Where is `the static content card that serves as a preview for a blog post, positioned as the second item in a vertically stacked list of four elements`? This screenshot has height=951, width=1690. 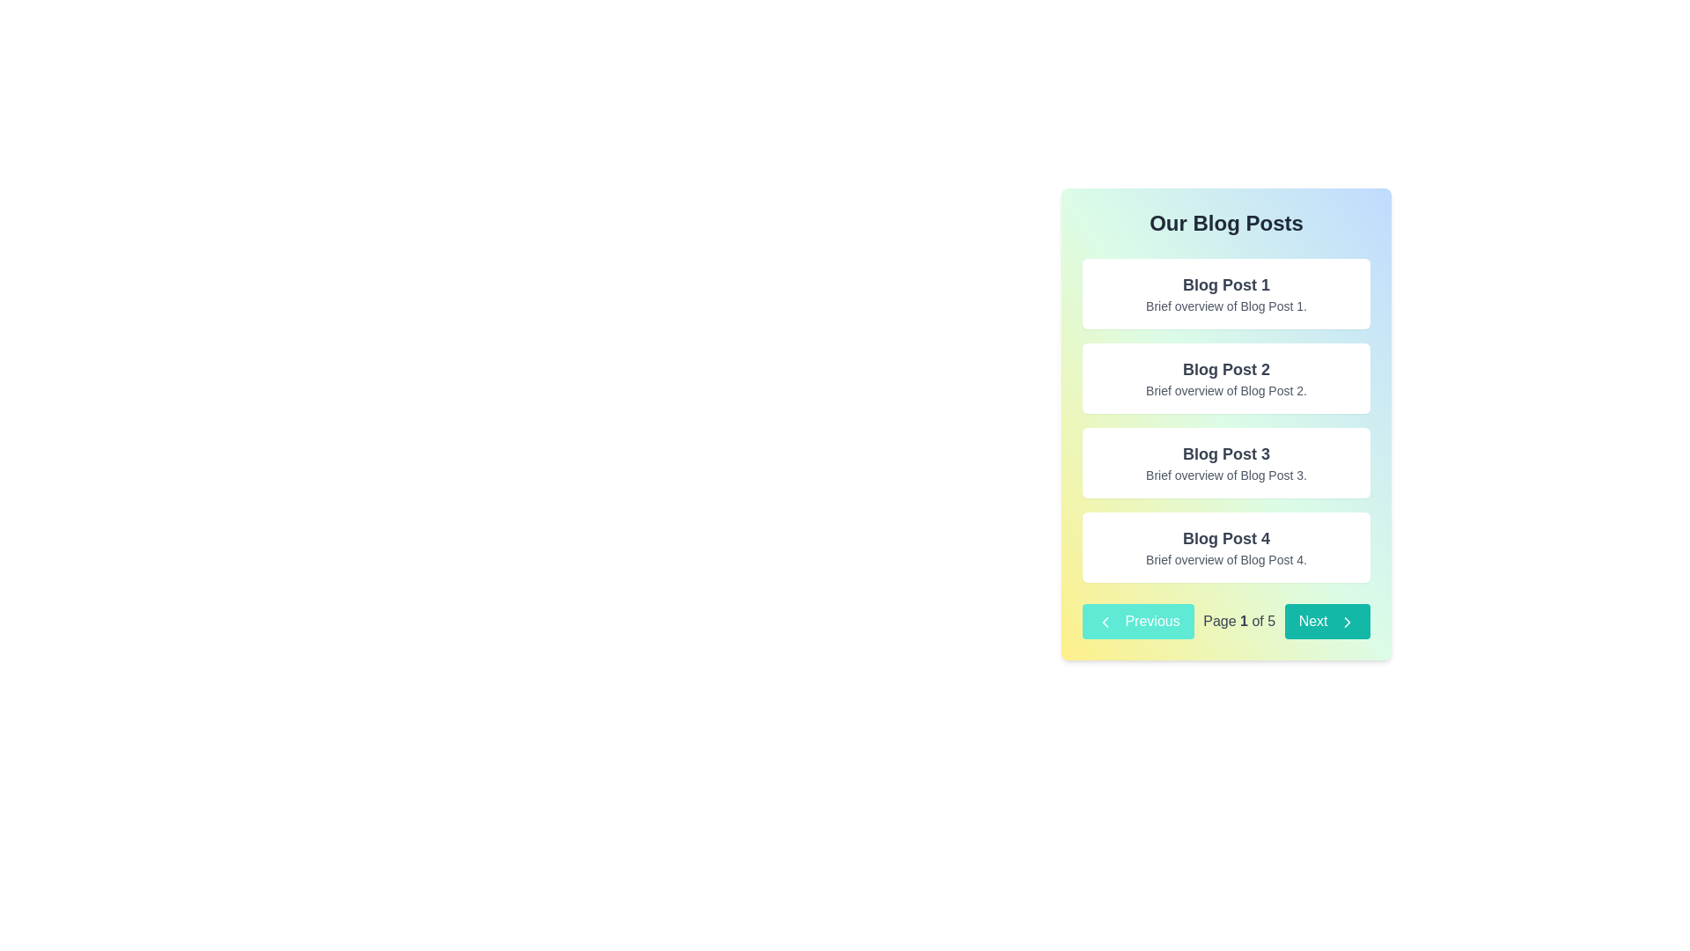 the static content card that serves as a preview for a blog post, positioned as the second item in a vertically stacked list of four elements is located at coordinates (1225, 377).